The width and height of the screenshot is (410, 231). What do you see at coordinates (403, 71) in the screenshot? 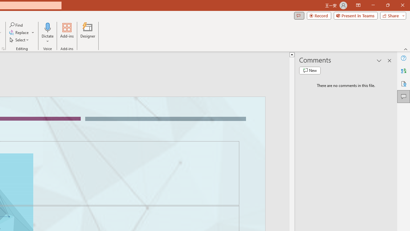
I see `'Translator'` at bounding box center [403, 71].